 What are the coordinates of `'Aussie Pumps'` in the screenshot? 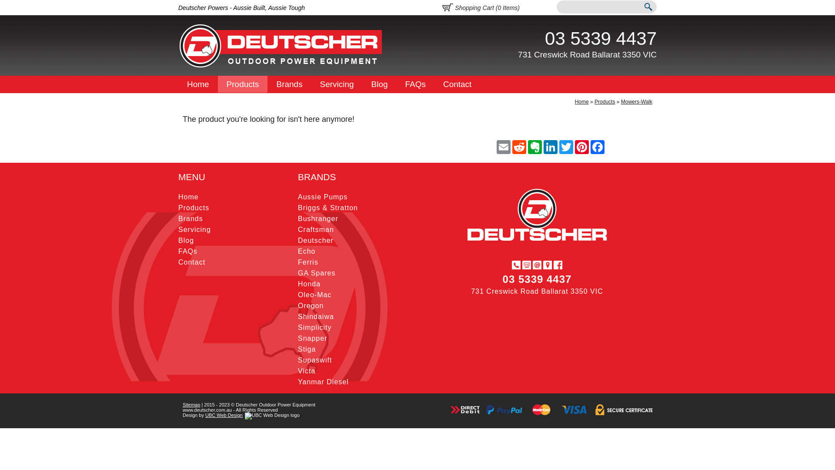 It's located at (298, 197).